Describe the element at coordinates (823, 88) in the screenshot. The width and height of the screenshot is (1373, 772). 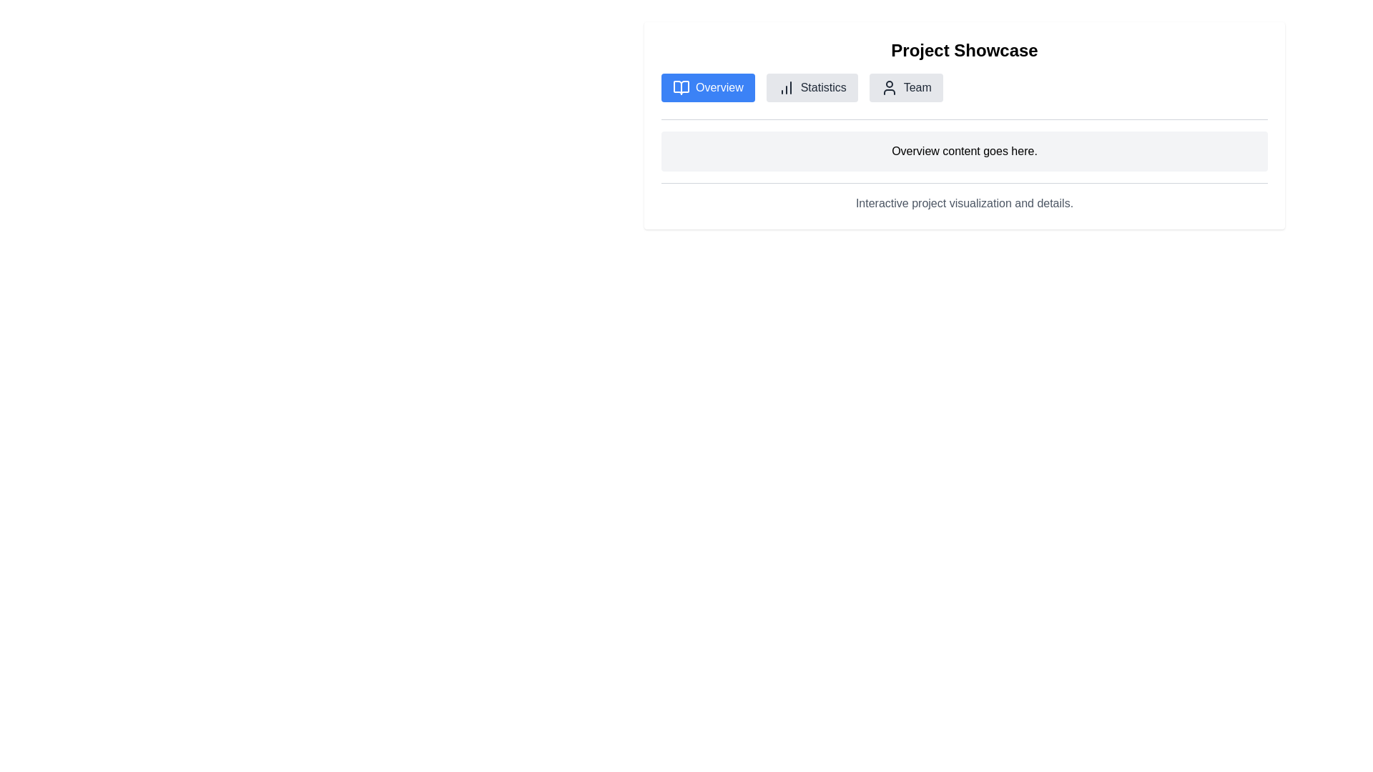
I see `the 'Statistics' text label in the horizontal navigation menu, which is located between the 'Overview' and 'Team' sections` at that location.